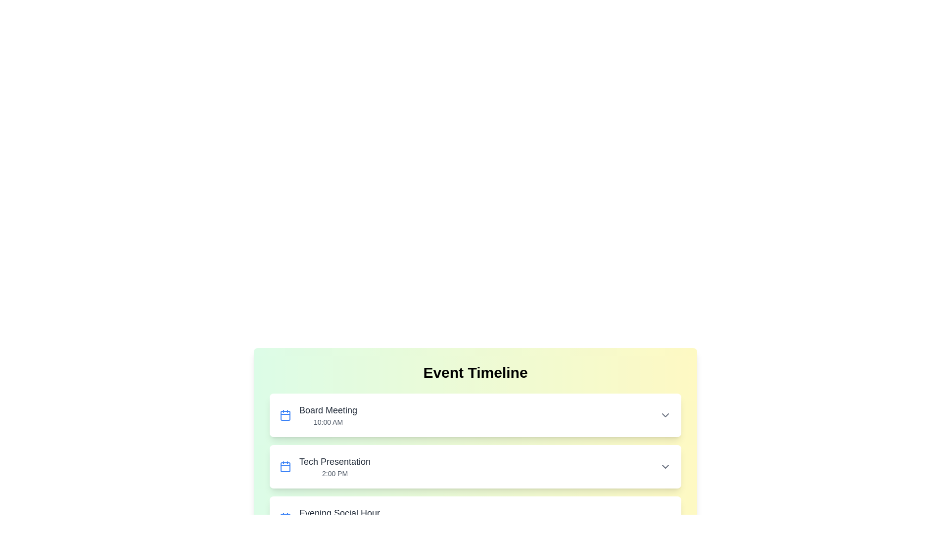  Describe the element at coordinates (334, 473) in the screenshot. I see `the text label reading '2:00 PM' located beneath the title 'Tech Presentation' in the 'Event Timeline' section` at that location.